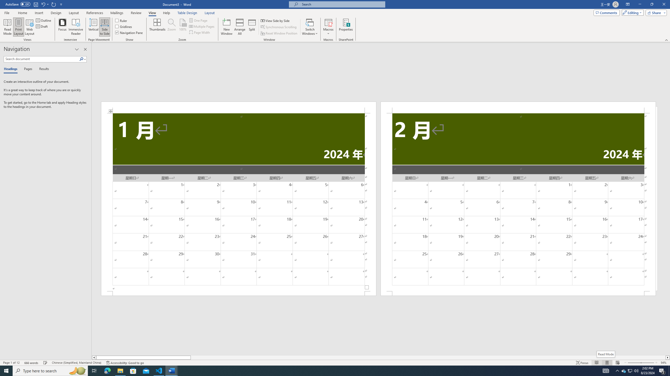 The height and width of the screenshot is (376, 670). I want to click on 'Draft', so click(42, 26).